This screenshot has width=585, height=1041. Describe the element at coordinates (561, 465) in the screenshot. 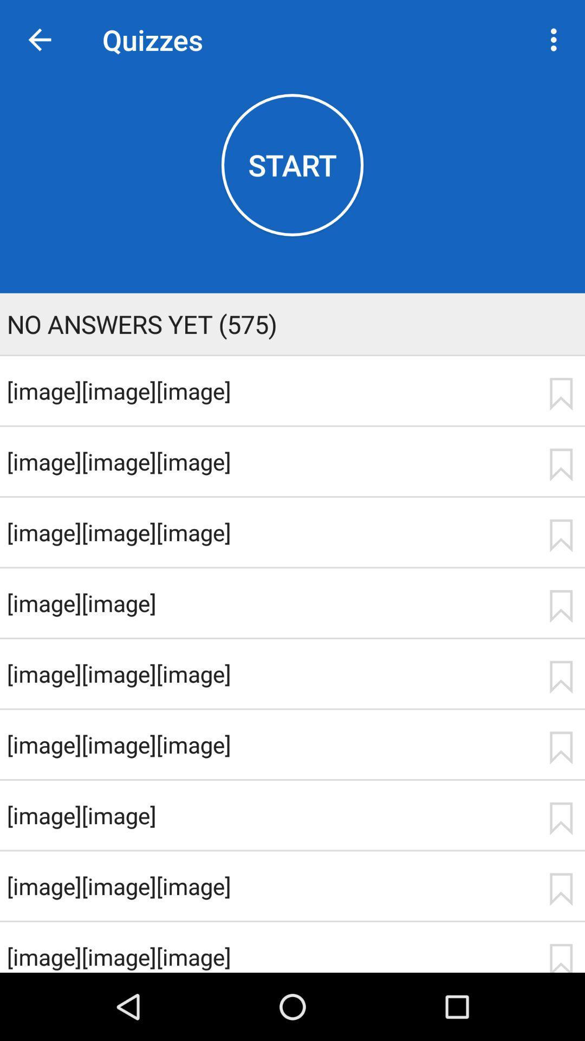

I see `bookmark item` at that location.